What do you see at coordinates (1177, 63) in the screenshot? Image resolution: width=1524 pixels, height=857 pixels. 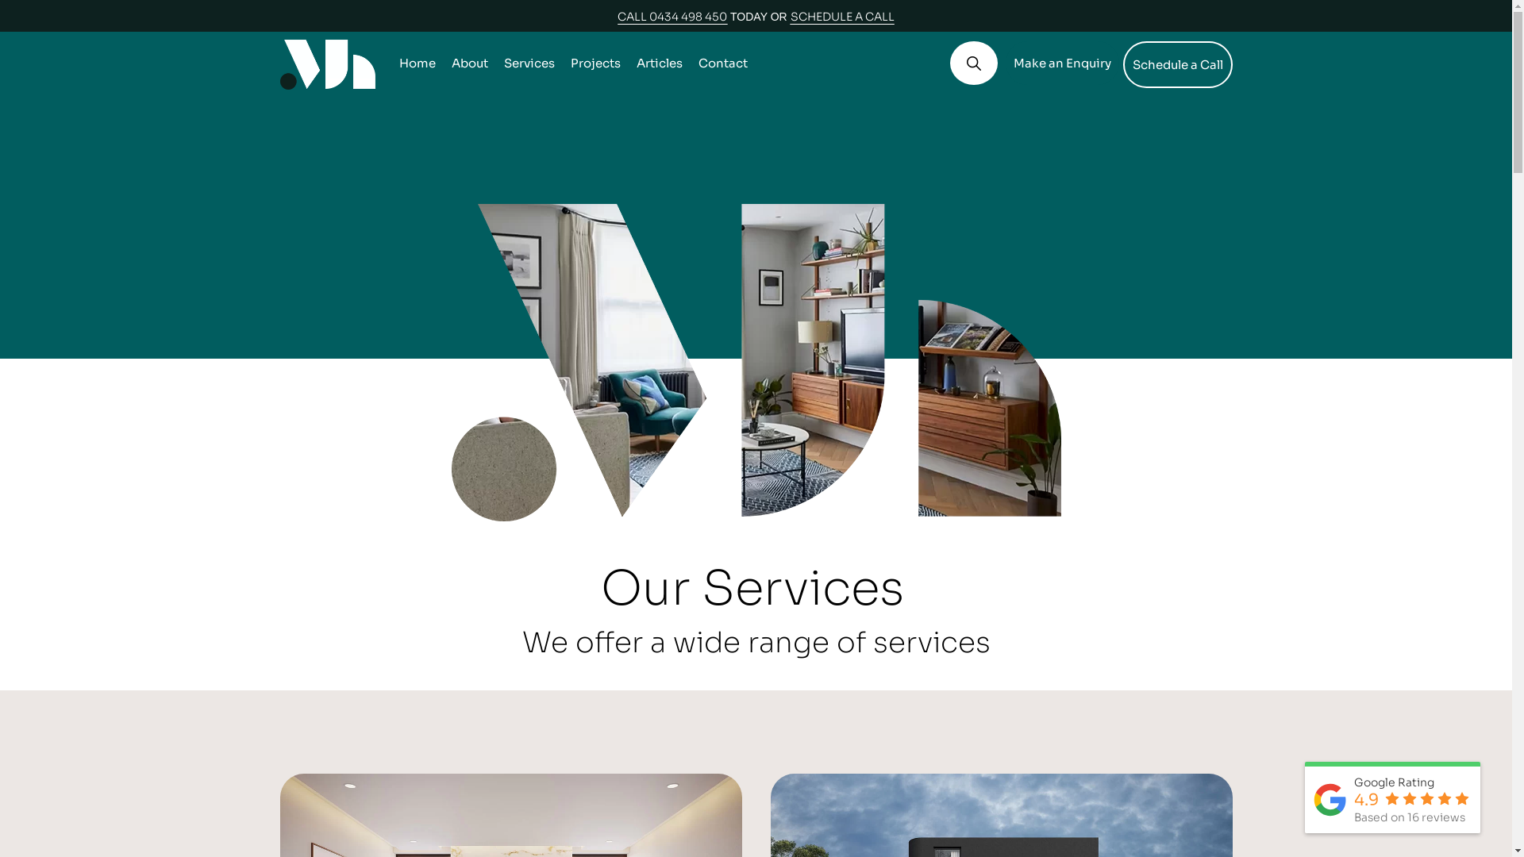 I see `'Schedule a Call'` at bounding box center [1177, 63].